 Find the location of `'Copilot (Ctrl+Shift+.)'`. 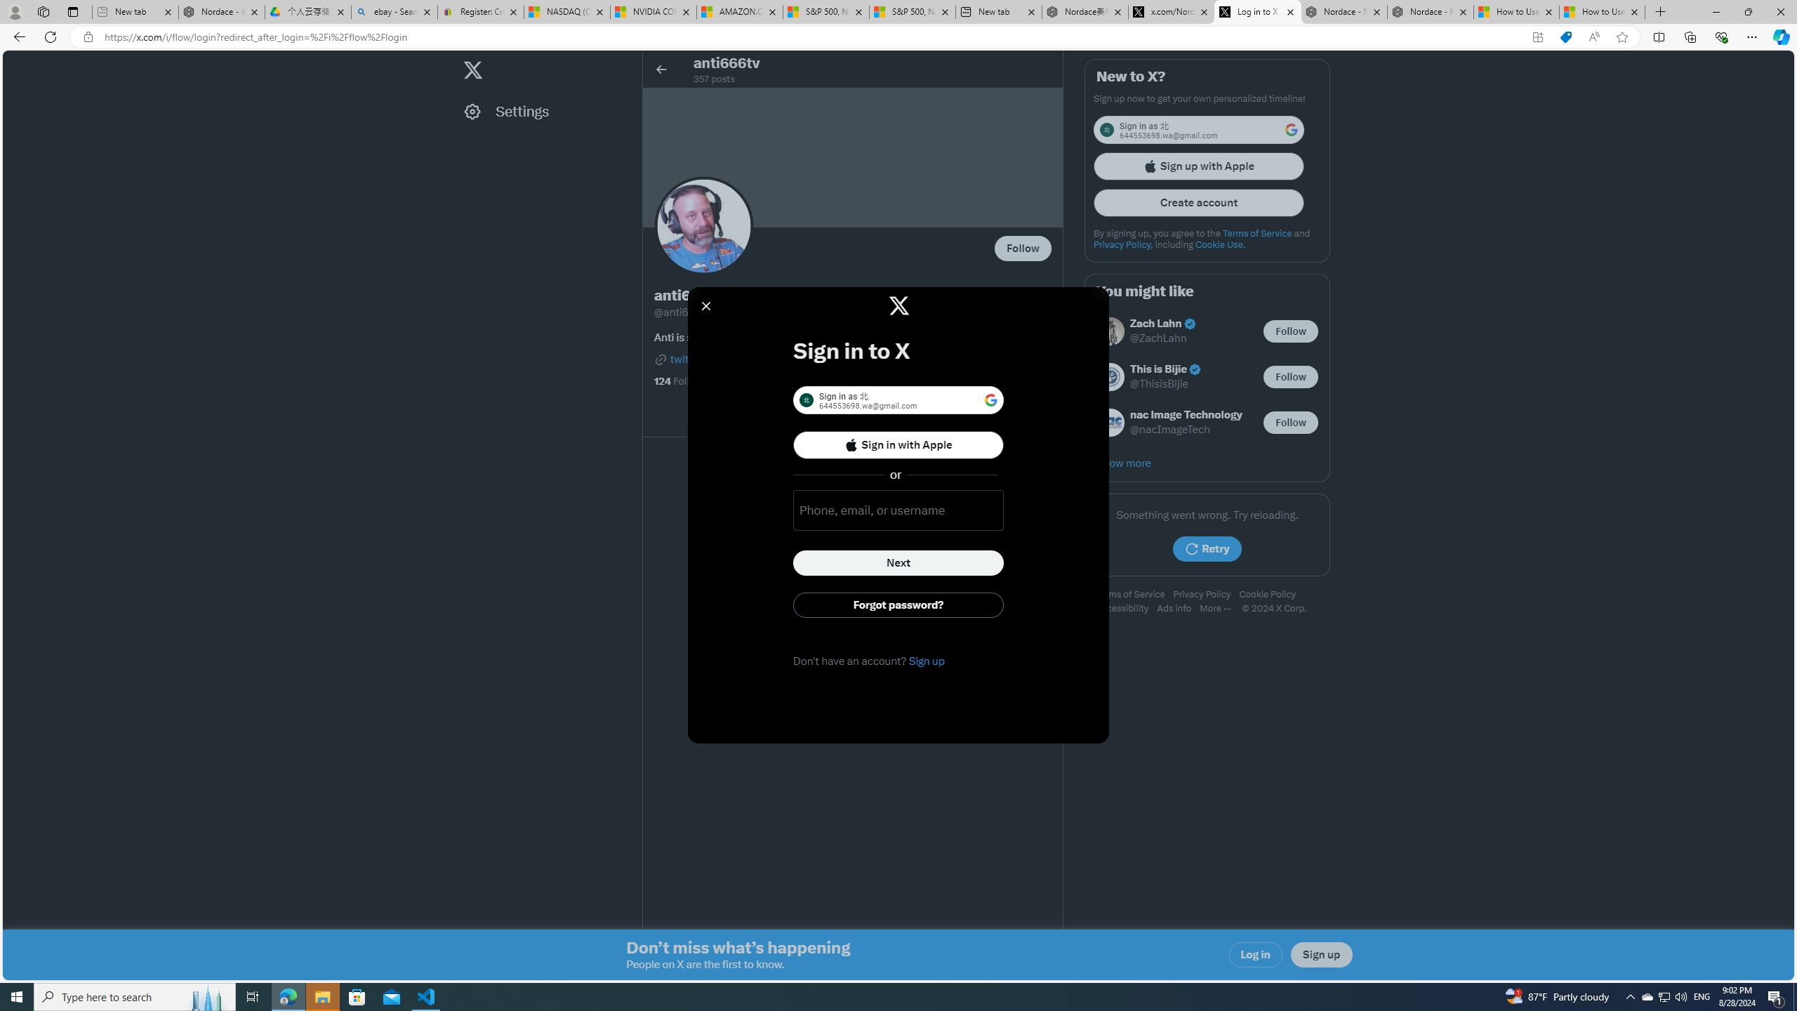

'Copilot (Ctrl+Shift+.)' is located at coordinates (1779, 36).